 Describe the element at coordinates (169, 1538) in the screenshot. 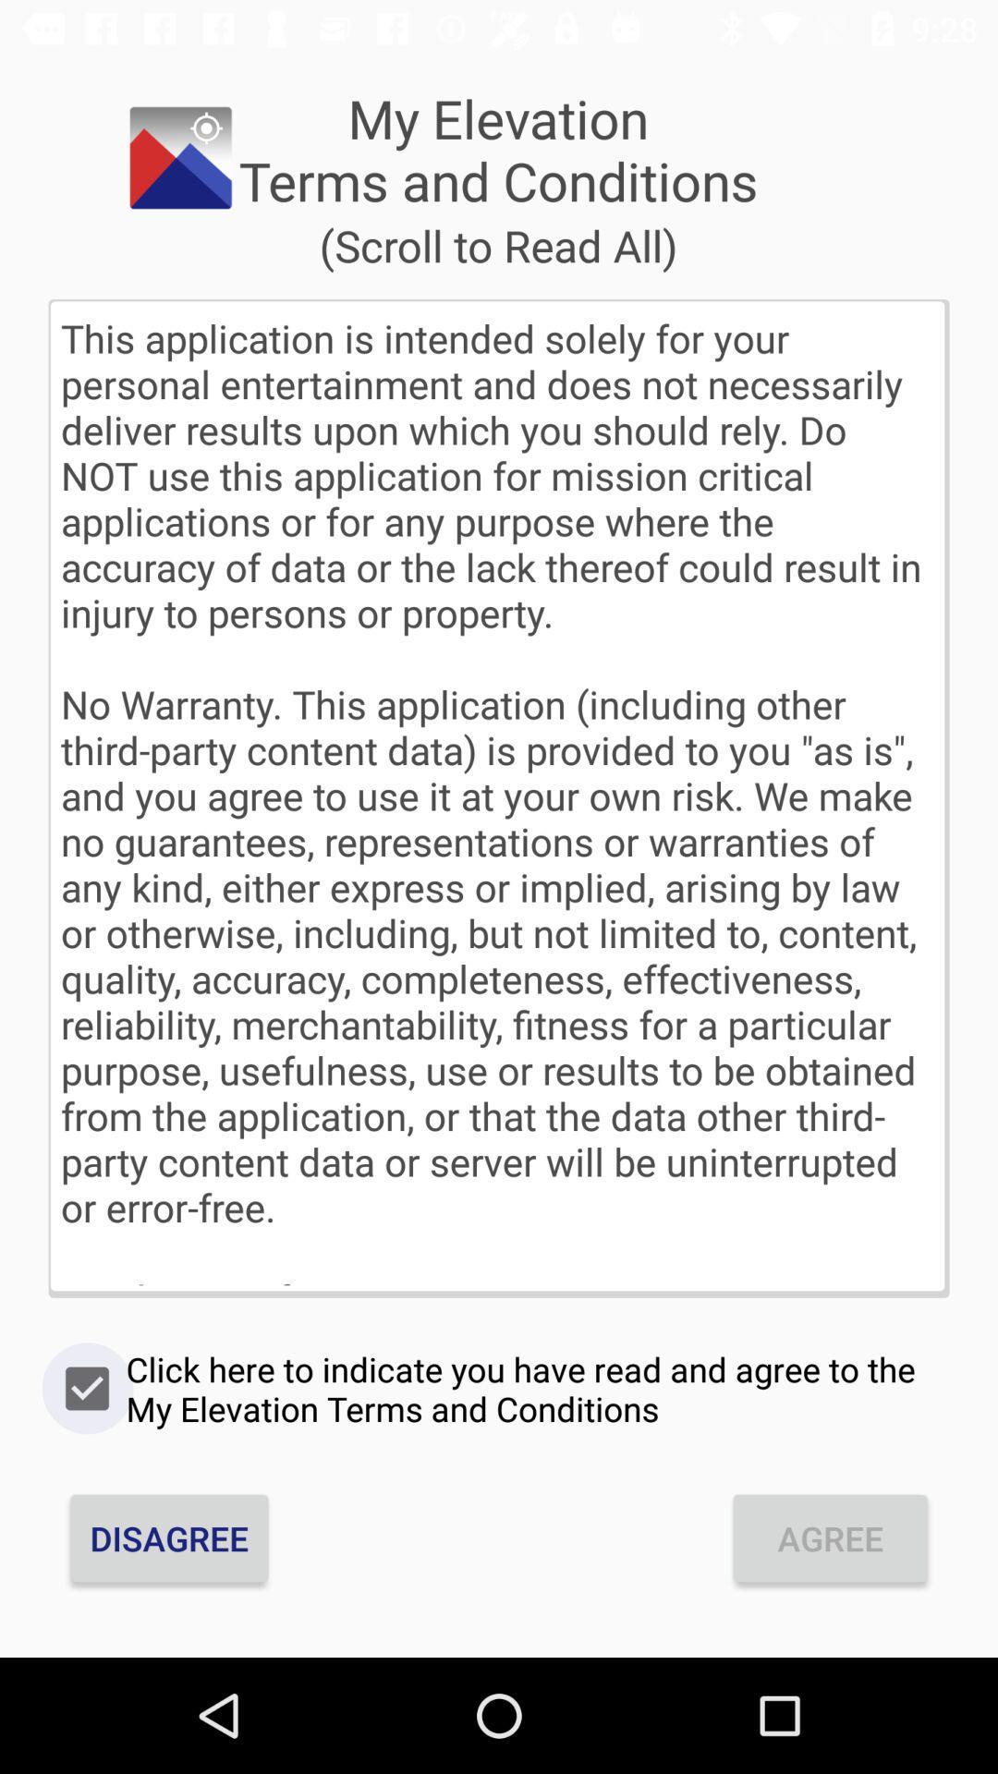

I see `the item to the left of agree` at that location.